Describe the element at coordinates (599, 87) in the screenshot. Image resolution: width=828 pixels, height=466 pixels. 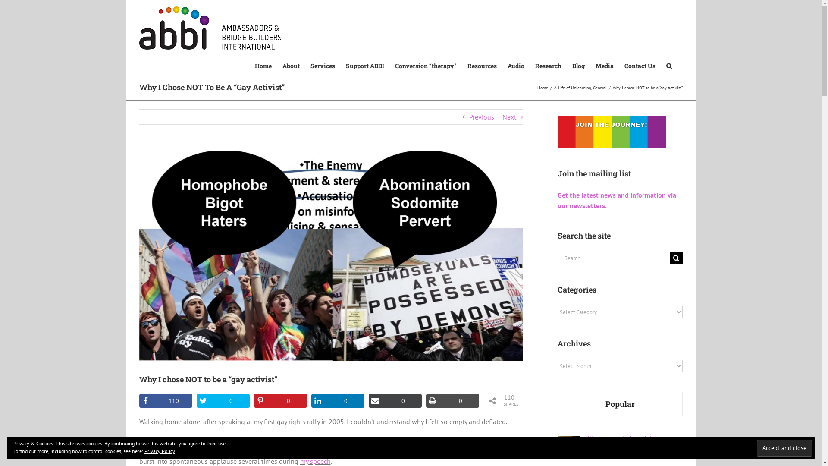
I see `'General'` at that location.